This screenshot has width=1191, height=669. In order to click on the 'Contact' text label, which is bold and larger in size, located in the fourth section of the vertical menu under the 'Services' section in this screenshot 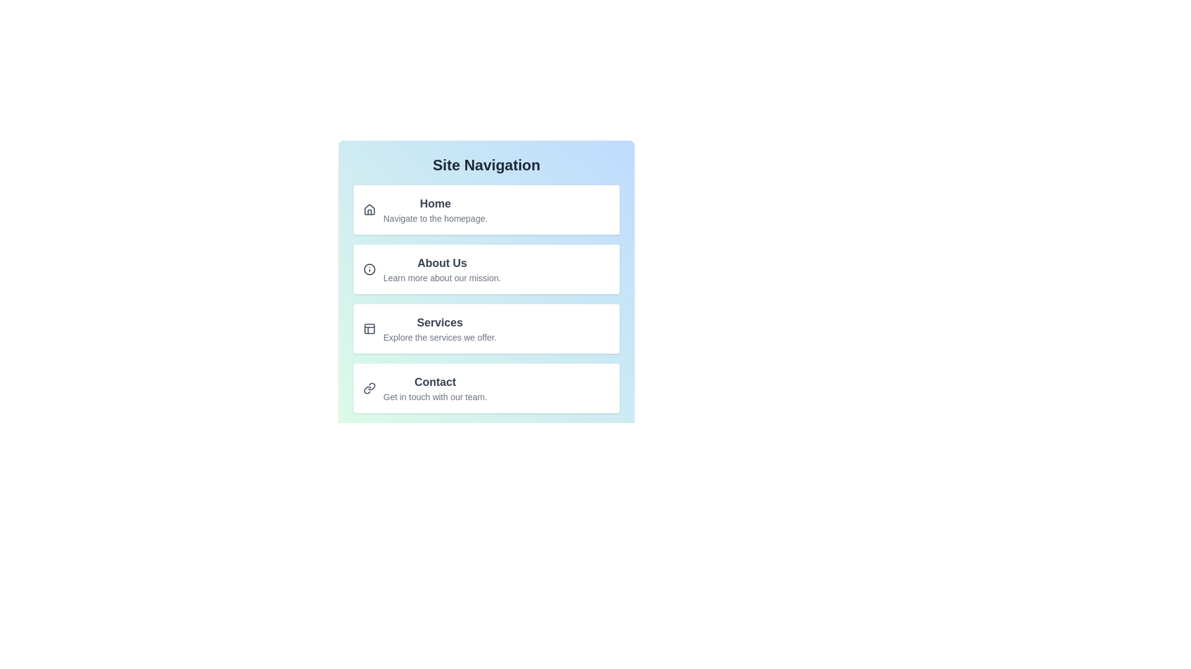, I will do `click(435, 382)`.